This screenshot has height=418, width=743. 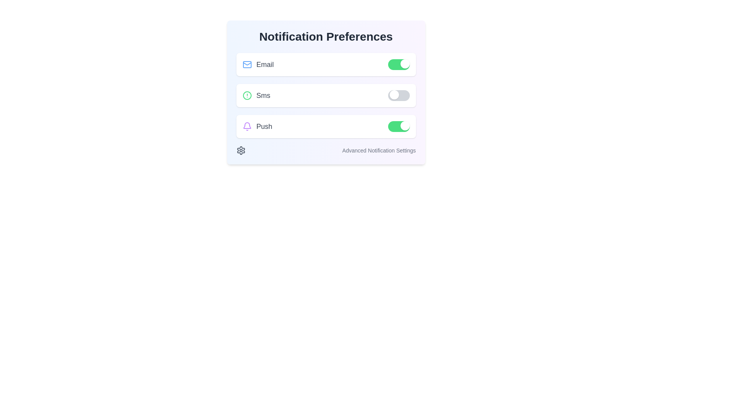 I want to click on the settings icon to access additional configuration options, so click(x=240, y=151).